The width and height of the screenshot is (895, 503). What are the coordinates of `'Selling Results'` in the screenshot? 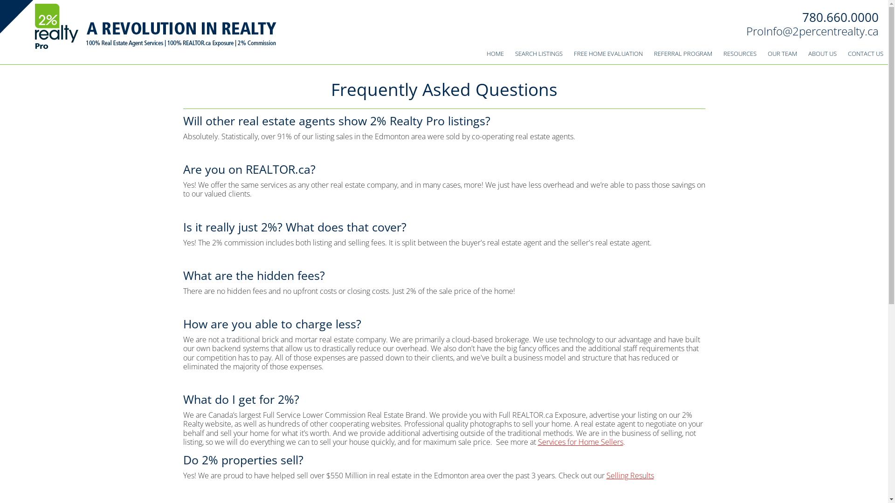 It's located at (629, 476).